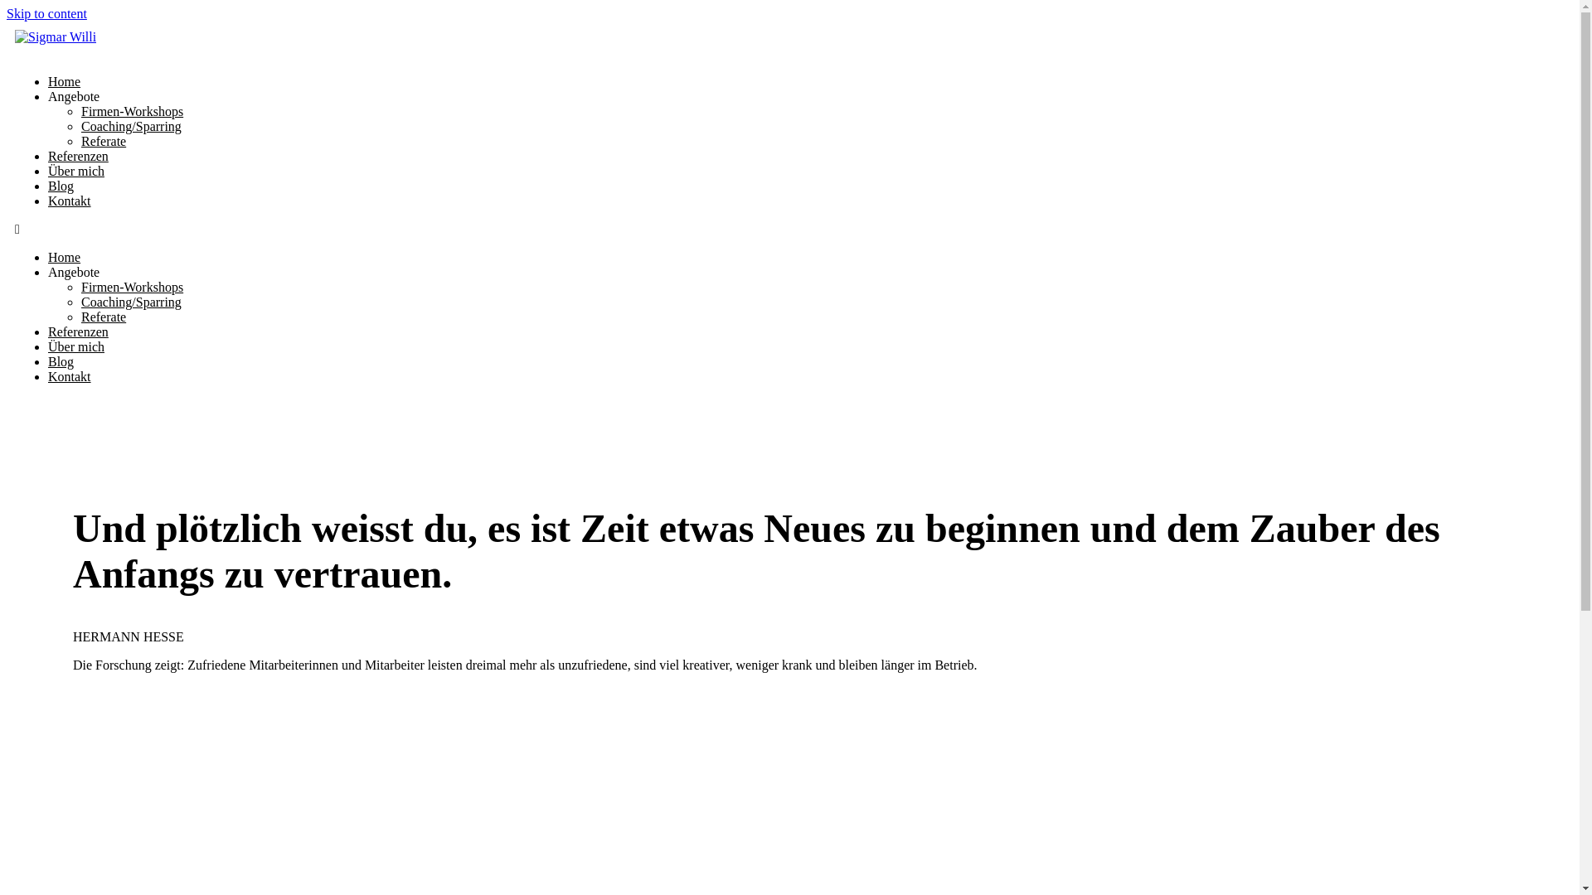 The height and width of the screenshot is (895, 1592). I want to click on 'Blog', so click(61, 360).